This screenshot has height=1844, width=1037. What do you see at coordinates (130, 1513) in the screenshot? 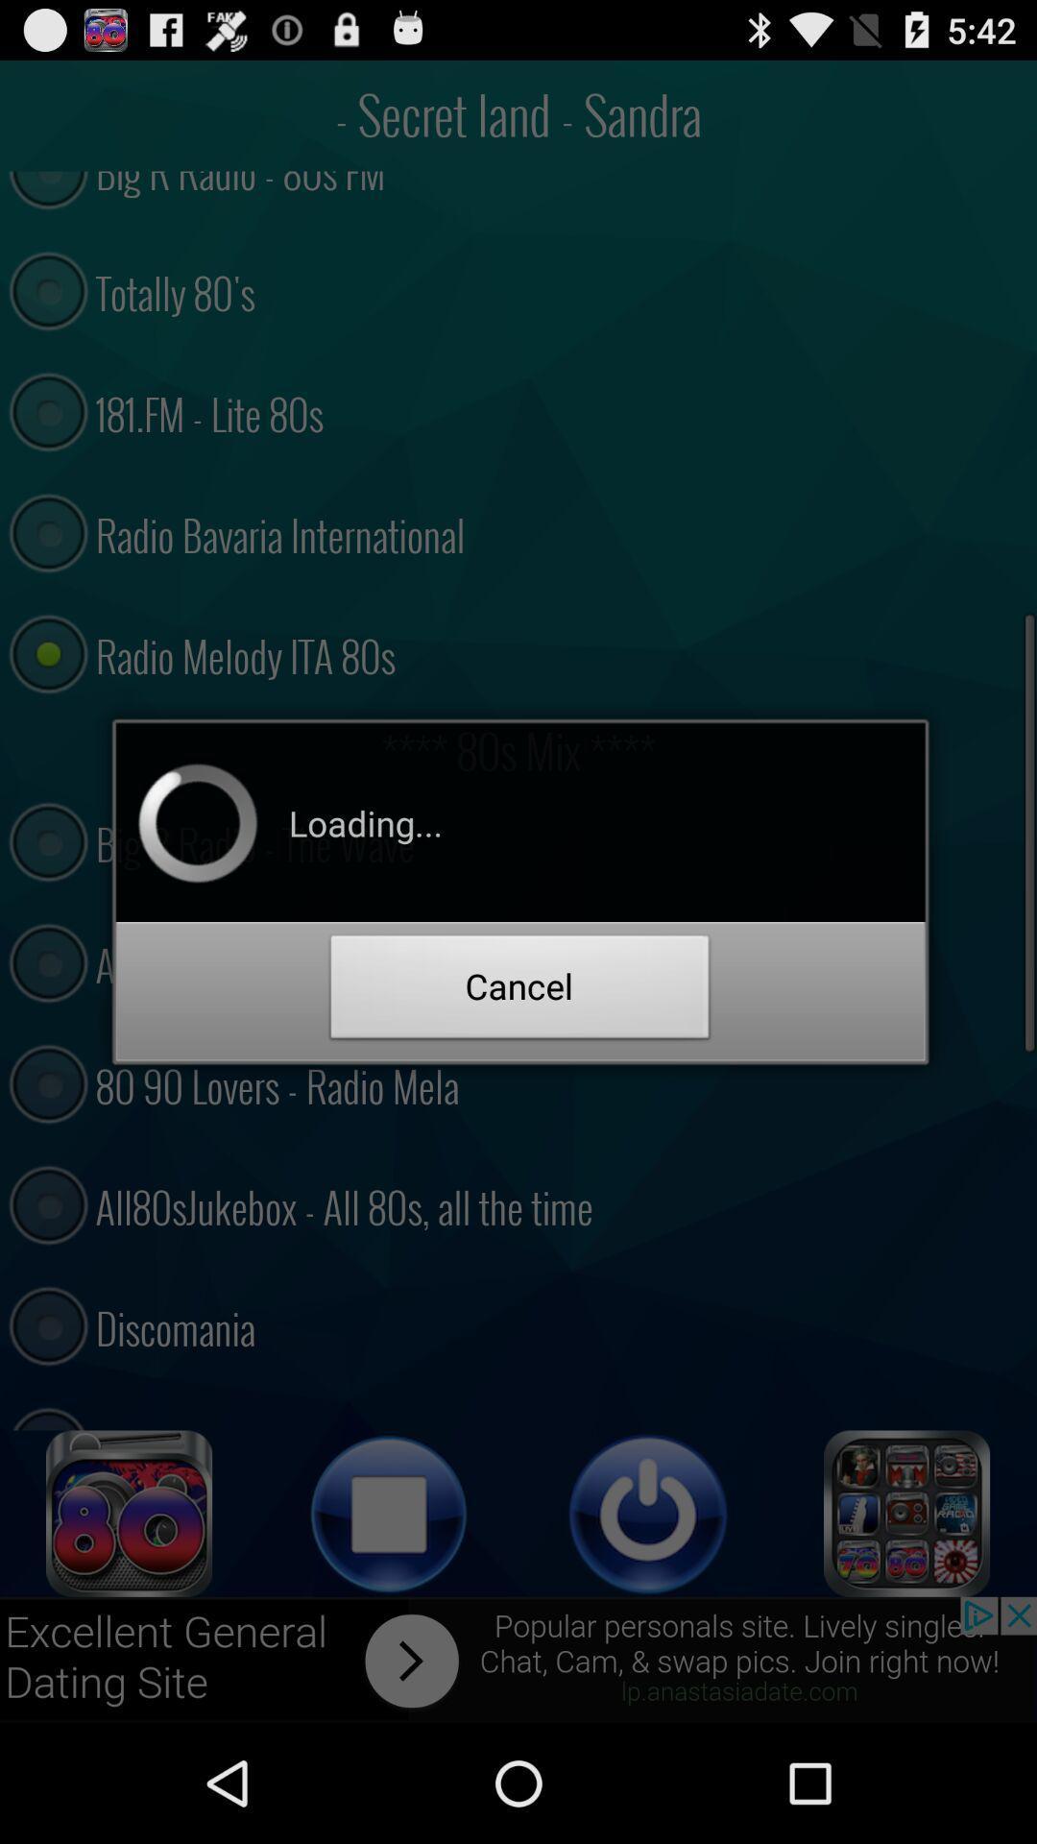
I see `switch autoplay option` at bounding box center [130, 1513].